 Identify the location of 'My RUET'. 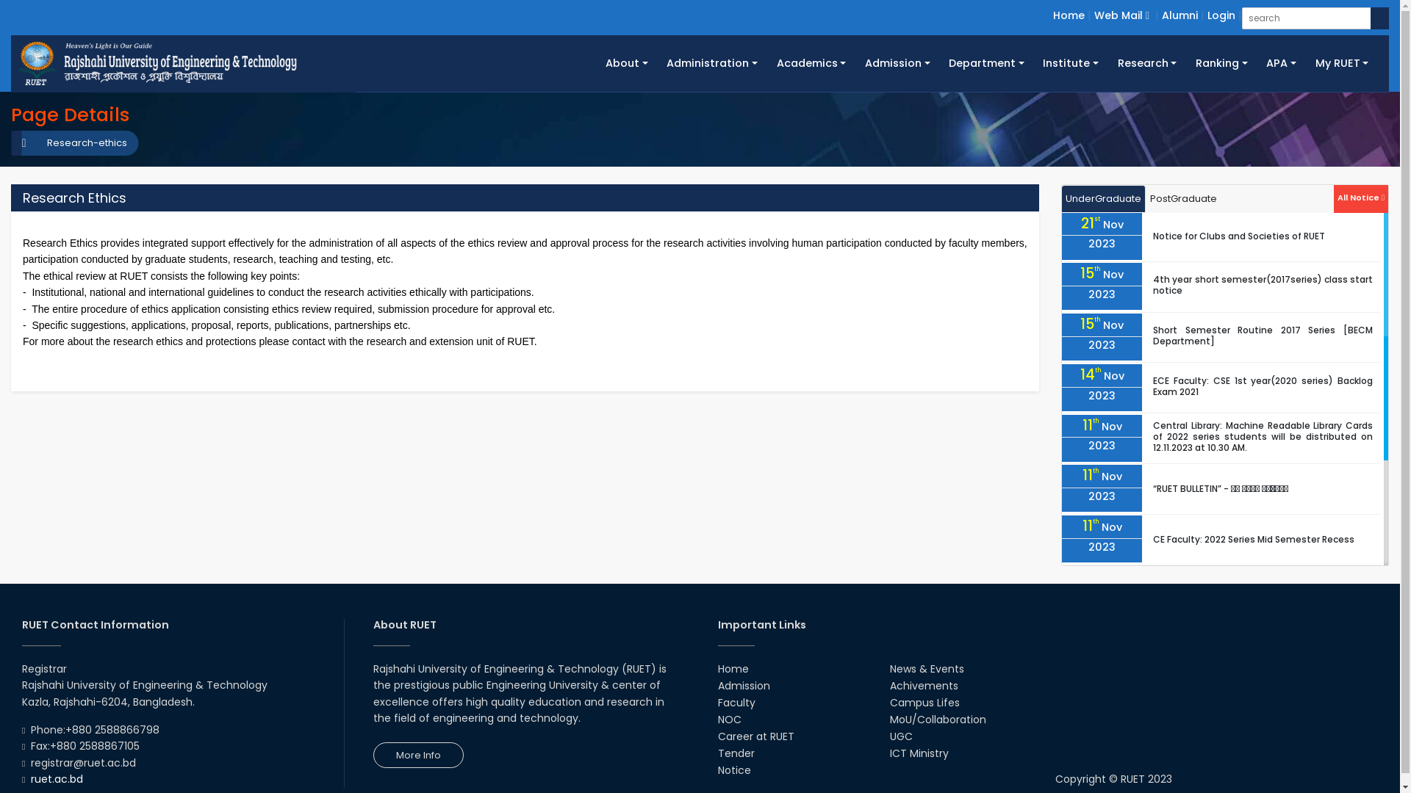
(1341, 62).